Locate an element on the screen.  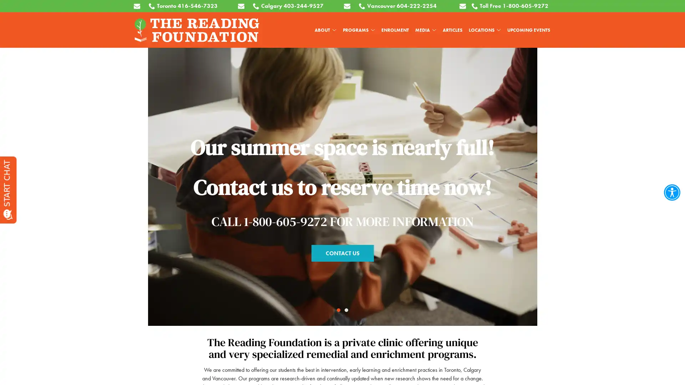
Accessibility Menu is located at coordinates (671, 192).